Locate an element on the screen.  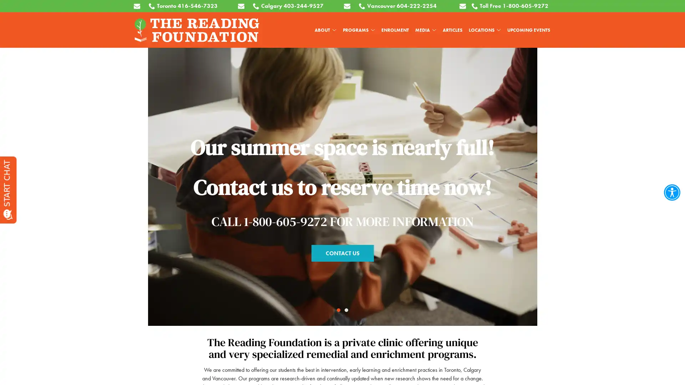
Accessibility Menu is located at coordinates (671, 192).